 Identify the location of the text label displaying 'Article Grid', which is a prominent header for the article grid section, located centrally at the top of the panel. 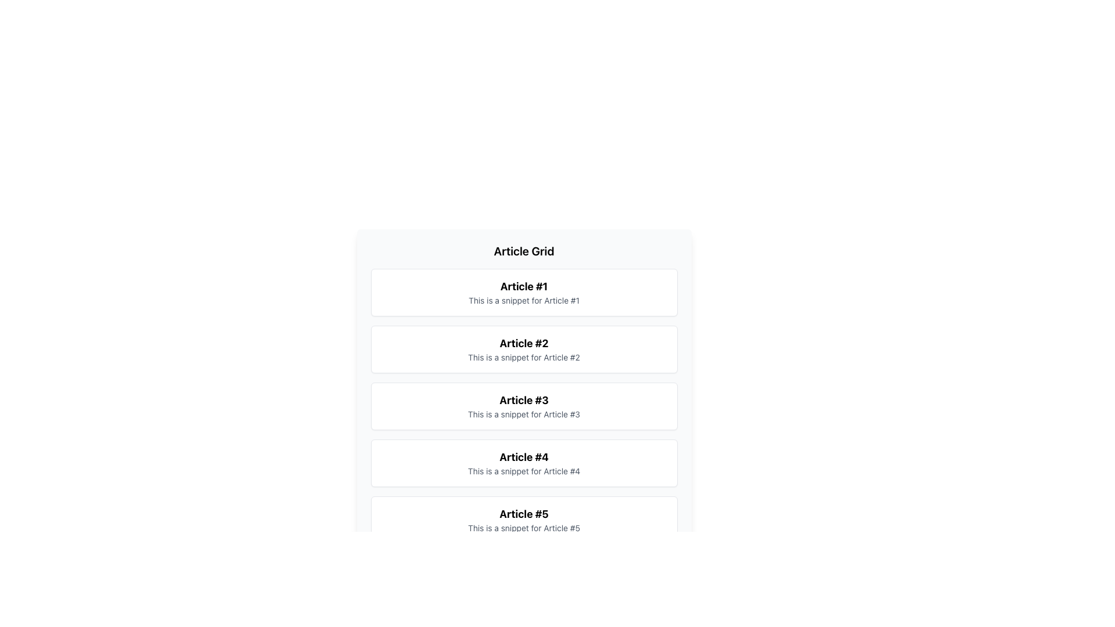
(523, 250).